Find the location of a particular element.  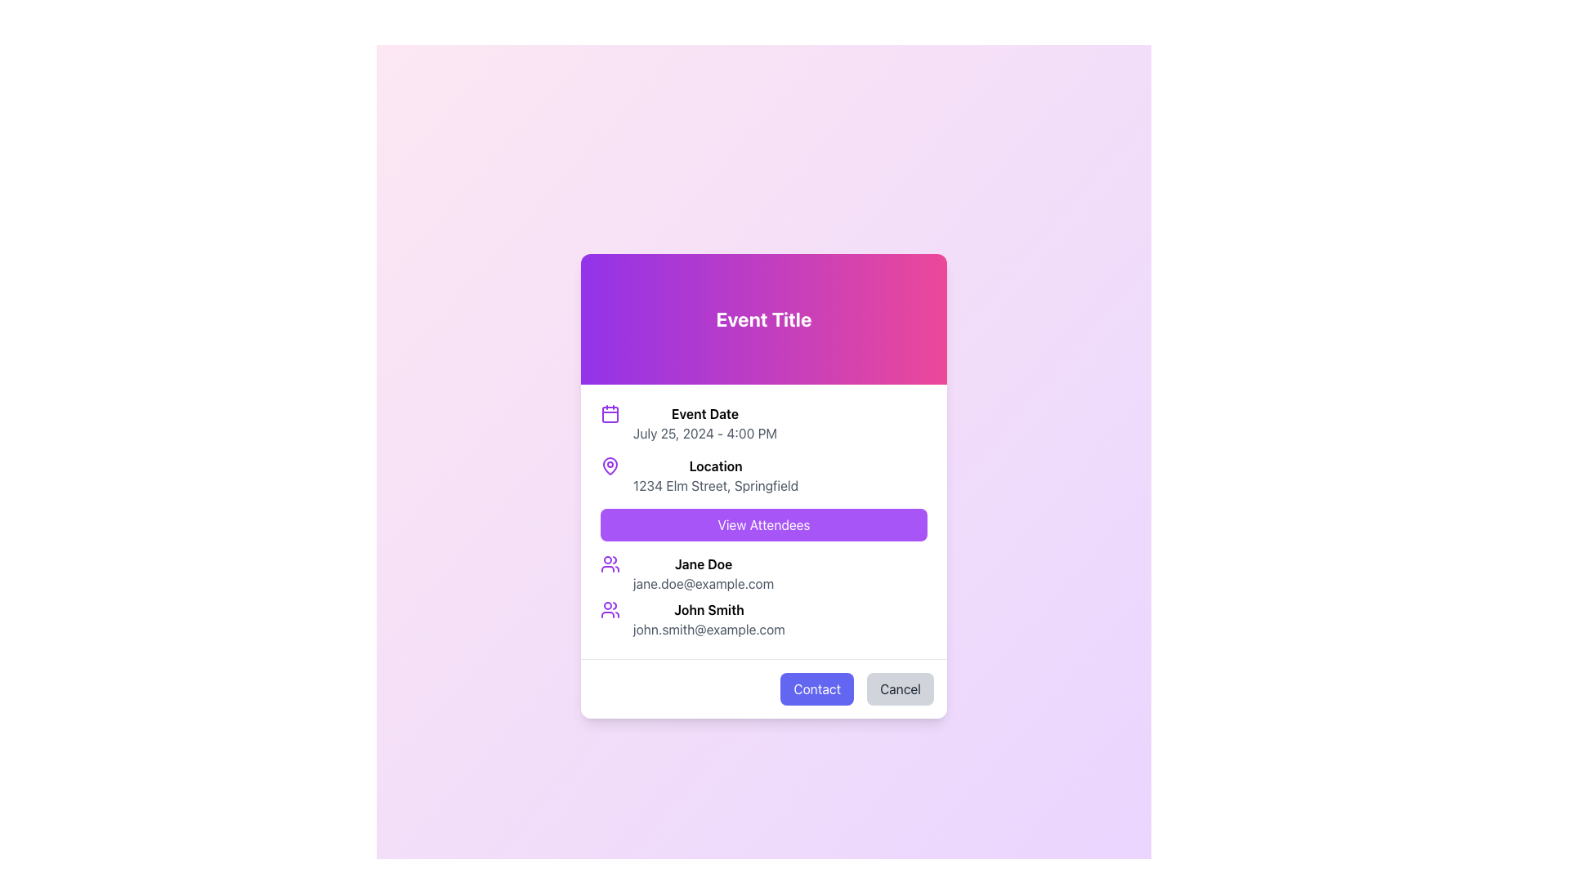

the email address 'john.smith@example.com' displayed in a gray font, which is located directly below the name 'John Smith' in the lower section of the modal dialog is located at coordinates (709, 628).